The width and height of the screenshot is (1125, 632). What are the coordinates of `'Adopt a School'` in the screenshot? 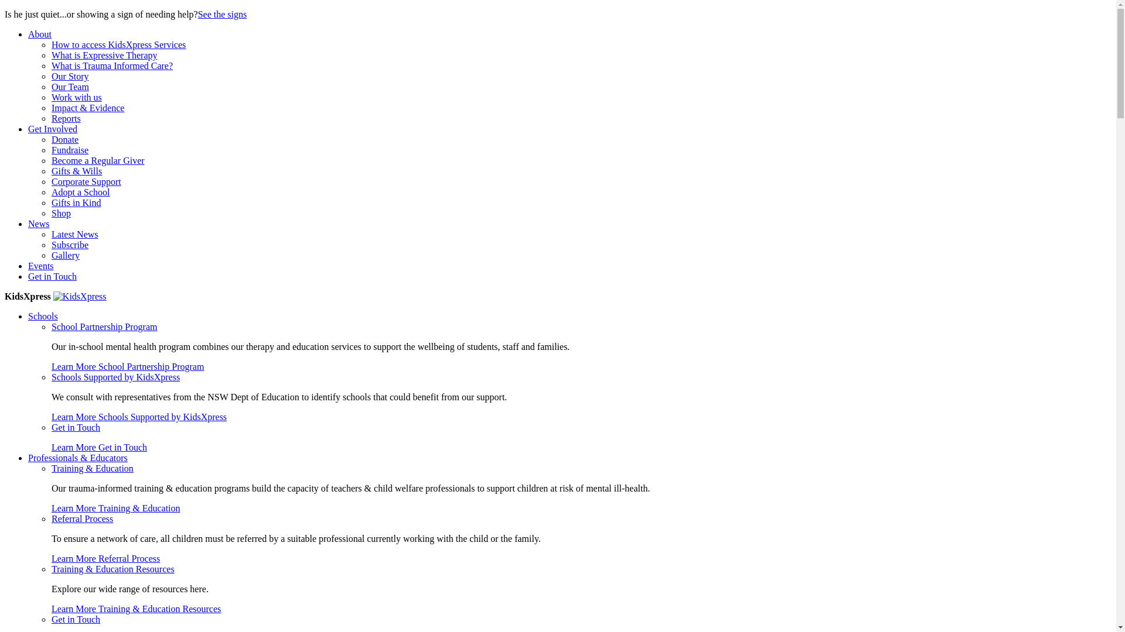 It's located at (80, 191).